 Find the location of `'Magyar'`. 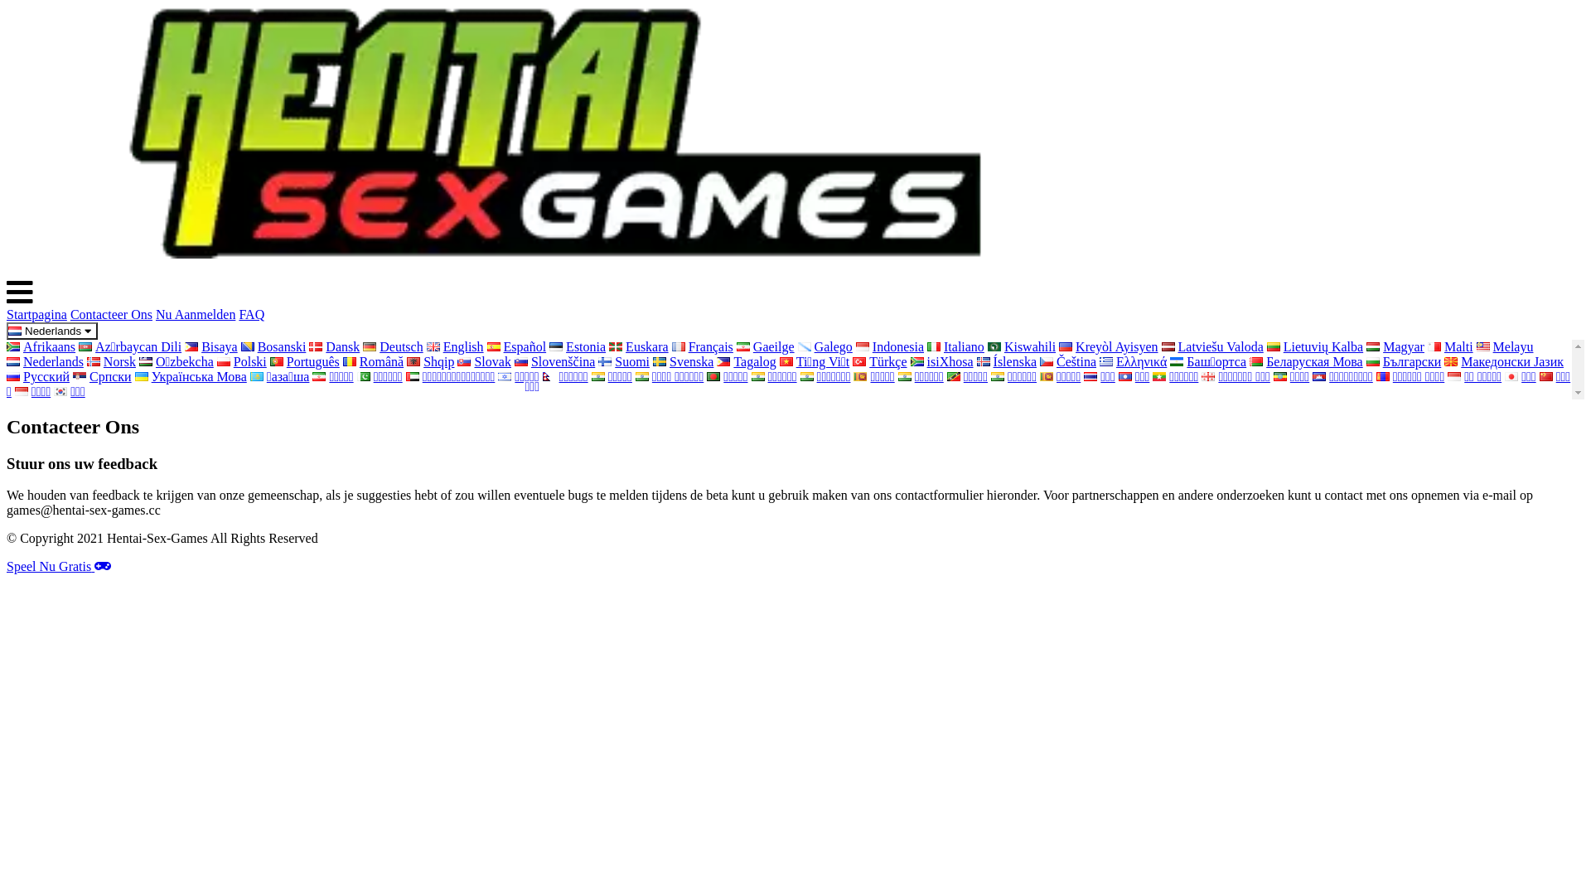

'Magyar' is located at coordinates (1395, 346).